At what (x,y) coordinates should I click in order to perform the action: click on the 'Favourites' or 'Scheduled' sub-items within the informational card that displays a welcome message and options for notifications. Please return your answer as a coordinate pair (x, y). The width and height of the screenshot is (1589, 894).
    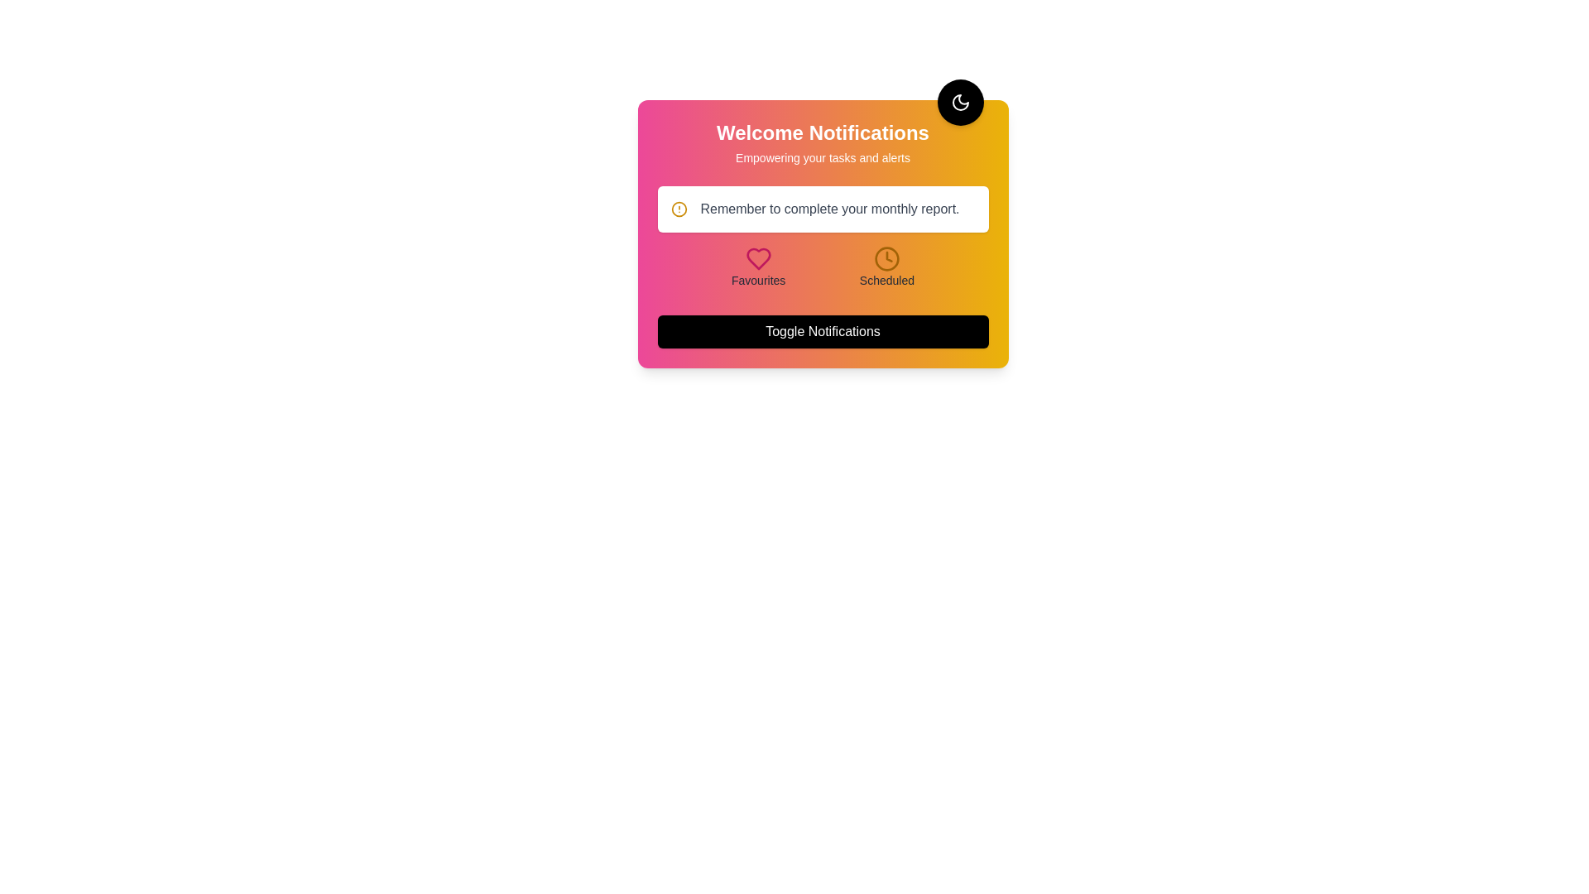
    Looking at the image, I should click on (823, 233).